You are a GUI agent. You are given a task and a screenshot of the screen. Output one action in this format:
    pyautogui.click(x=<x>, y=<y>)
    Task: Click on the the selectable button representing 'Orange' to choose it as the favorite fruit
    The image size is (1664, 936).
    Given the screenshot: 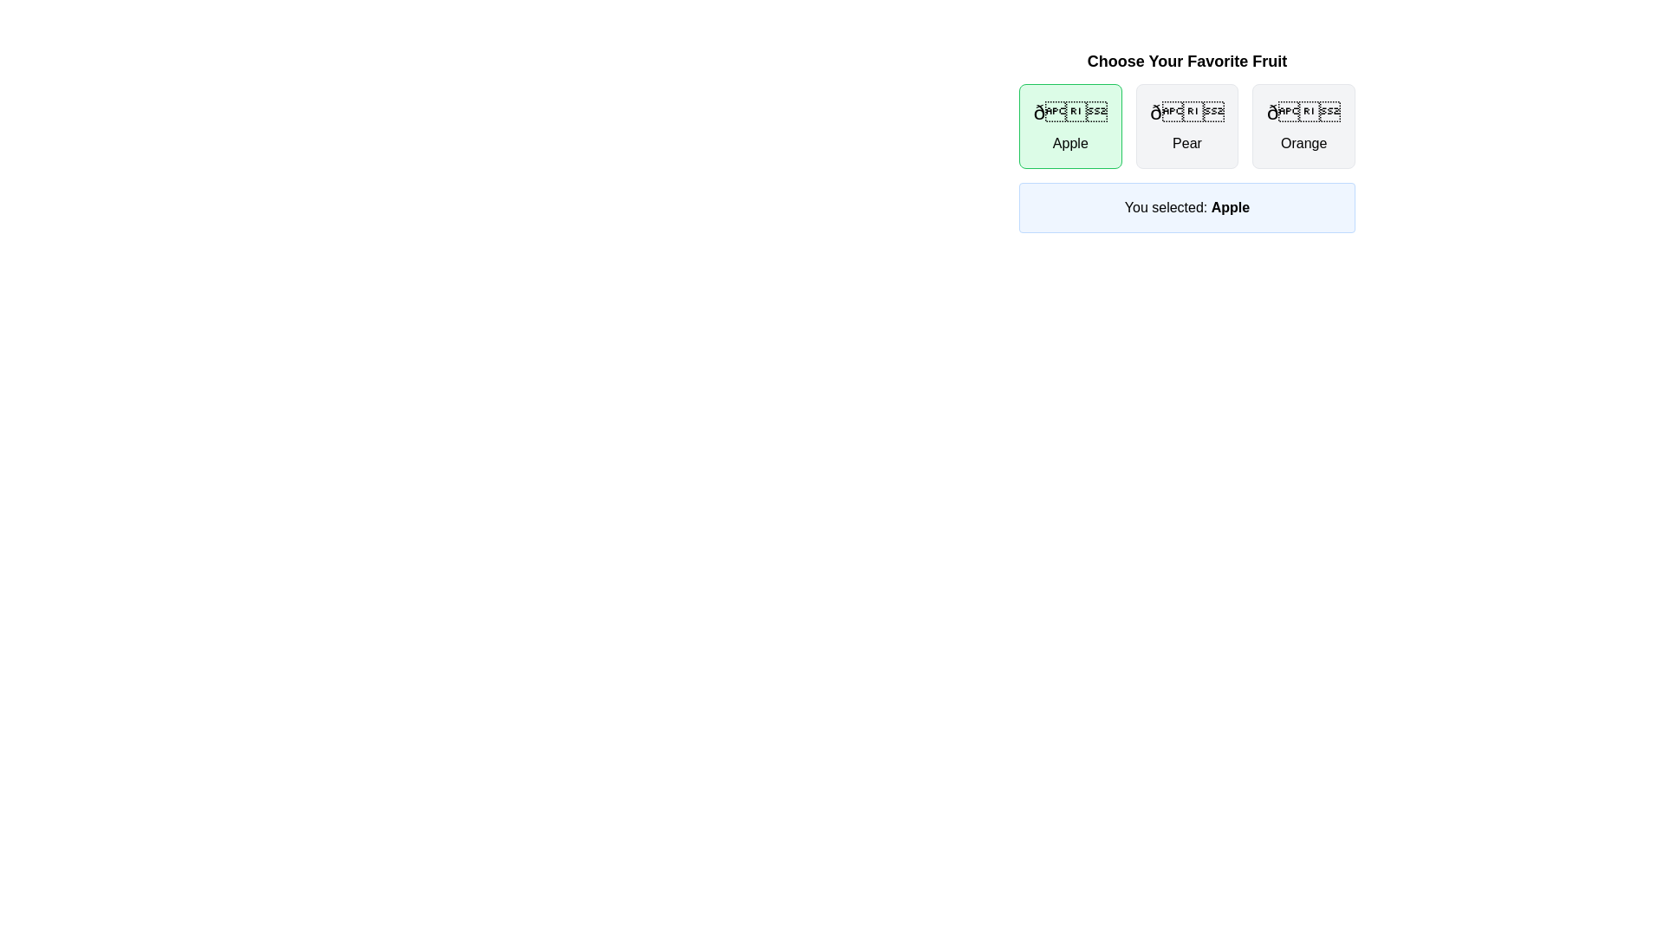 What is the action you would take?
    pyautogui.click(x=1303, y=126)
    